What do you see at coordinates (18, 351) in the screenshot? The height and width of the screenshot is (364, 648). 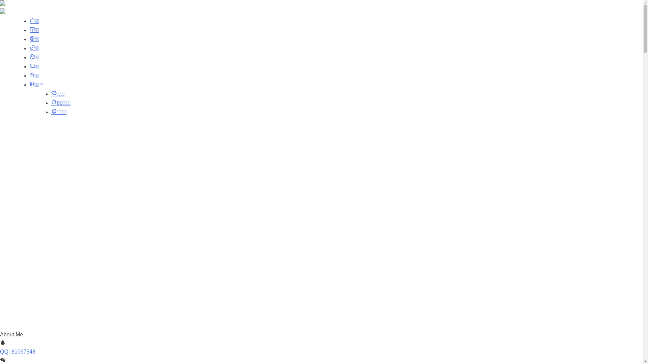 I see `'QQ: 81067548'` at bounding box center [18, 351].